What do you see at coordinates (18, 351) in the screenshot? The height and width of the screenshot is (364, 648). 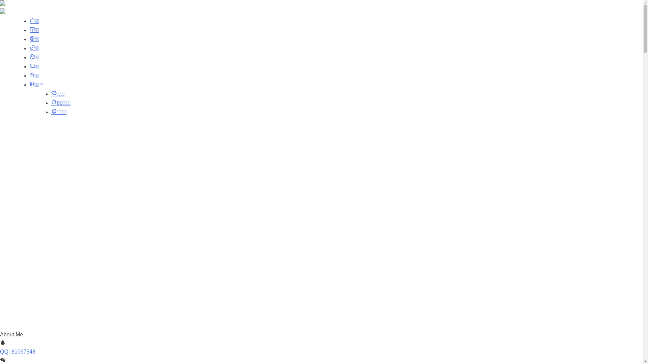 I see `'QQ: 81067548'` at bounding box center [18, 351].